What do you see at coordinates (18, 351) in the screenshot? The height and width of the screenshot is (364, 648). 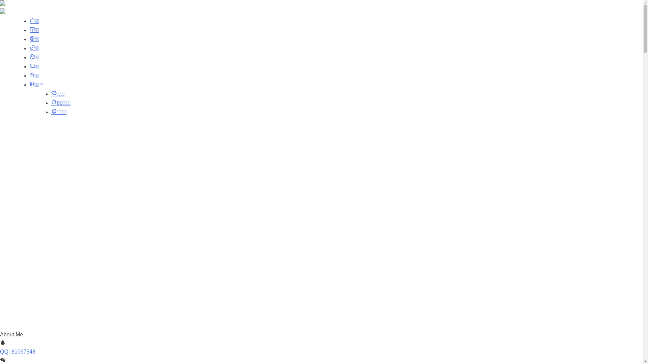 I see `'QQ: 81067548'` at bounding box center [18, 351].